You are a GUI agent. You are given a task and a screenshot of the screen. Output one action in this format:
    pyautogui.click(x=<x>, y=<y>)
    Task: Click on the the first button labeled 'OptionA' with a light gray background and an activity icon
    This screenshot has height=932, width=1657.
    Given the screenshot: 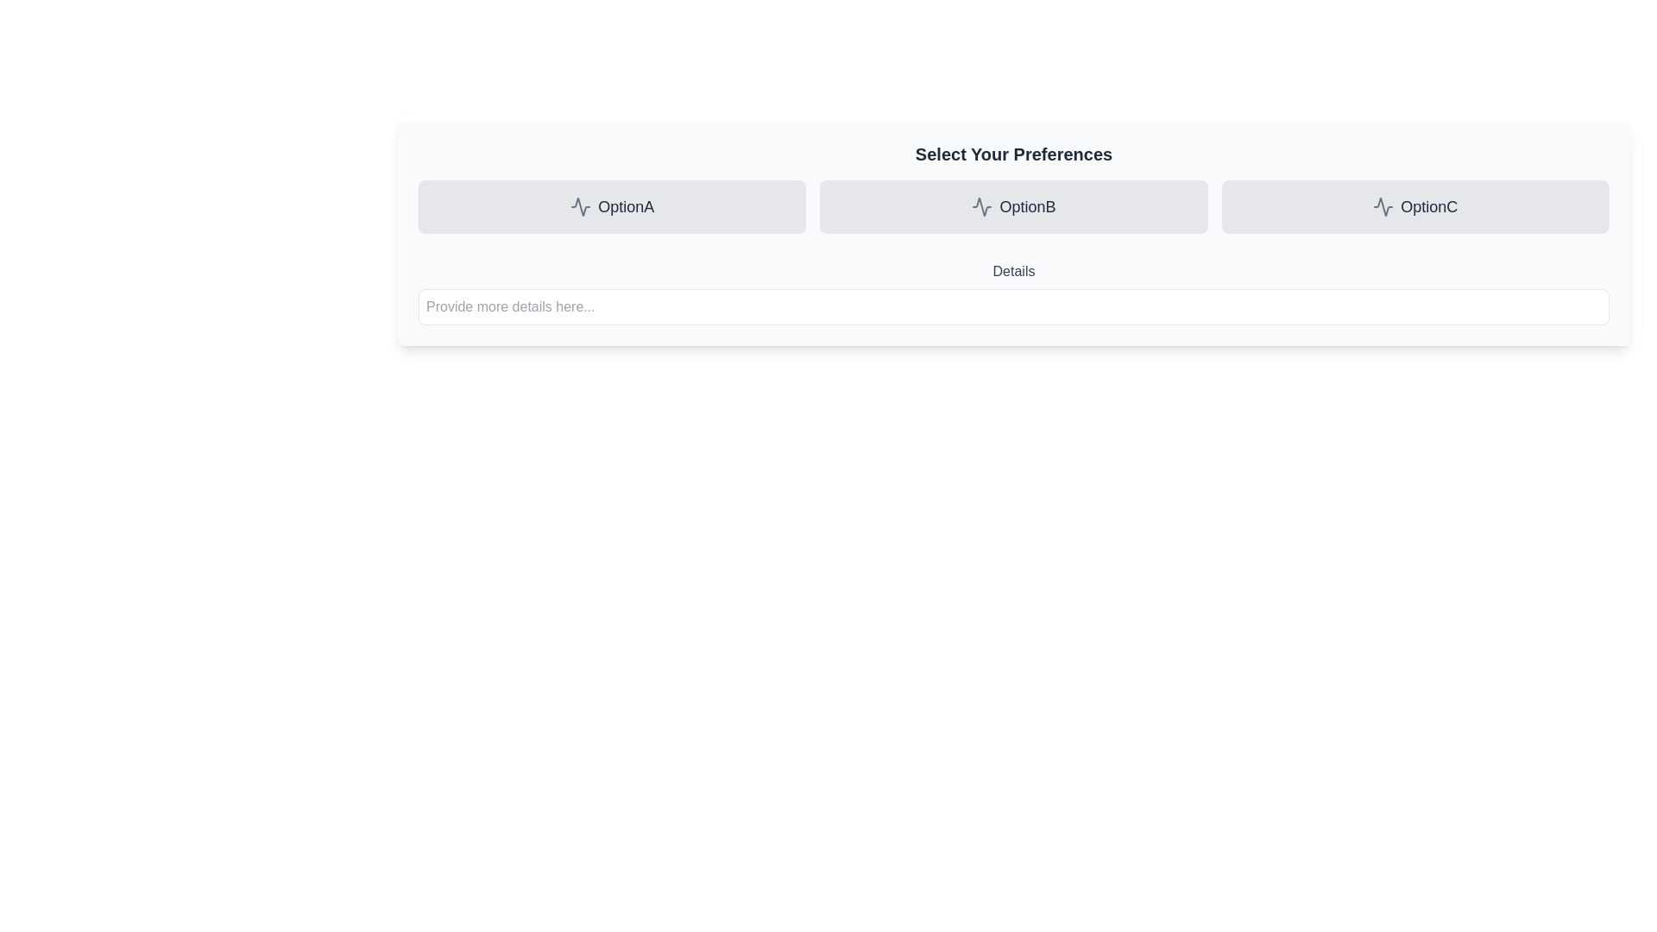 What is the action you would take?
    pyautogui.click(x=612, y=205)
    